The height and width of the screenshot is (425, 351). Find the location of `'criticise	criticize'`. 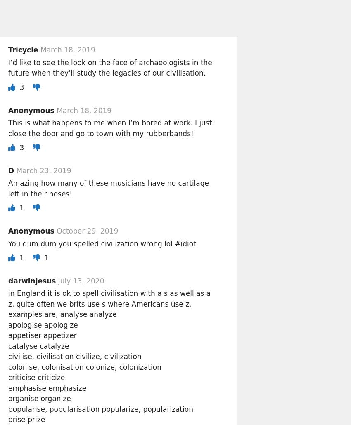

'criticise	criticize' is located at coordinates (36, 377).